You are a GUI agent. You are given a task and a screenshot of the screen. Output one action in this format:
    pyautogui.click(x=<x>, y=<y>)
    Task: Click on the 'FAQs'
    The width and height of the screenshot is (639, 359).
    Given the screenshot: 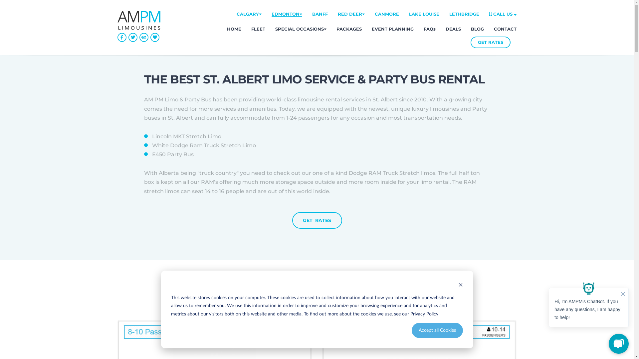 What is the action you would take?
    pyautogui.click(x=430, y=29)
    